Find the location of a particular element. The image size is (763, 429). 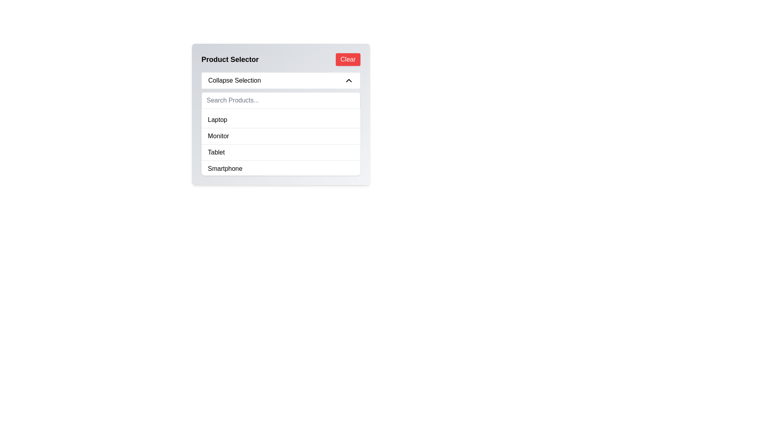

the search input field located below the 'Collapse Selection' dropdown to focus on it is located at coordinates (281, 100).